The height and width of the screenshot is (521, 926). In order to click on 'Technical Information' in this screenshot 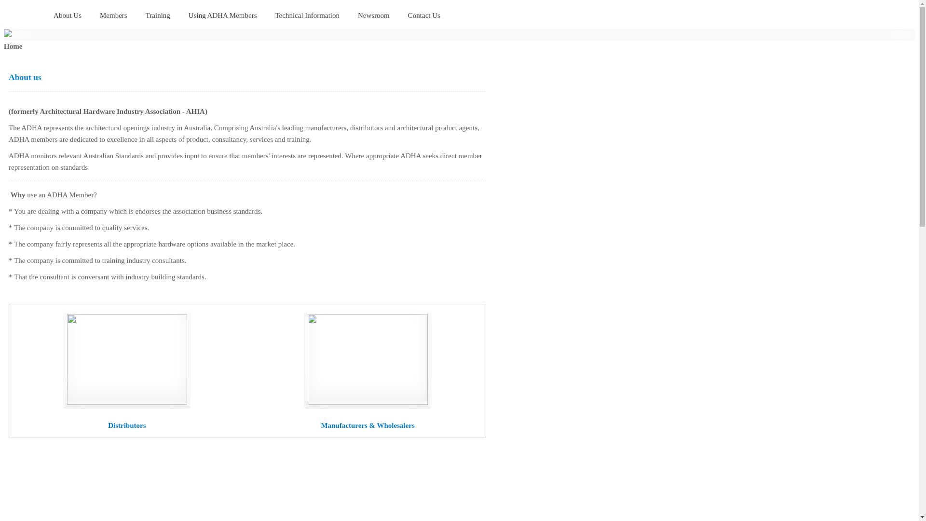, I will do `click(307, 16)`.